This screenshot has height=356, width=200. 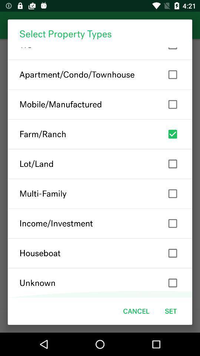 I want to click on the multi-family icon, so click(x=100, y=193).